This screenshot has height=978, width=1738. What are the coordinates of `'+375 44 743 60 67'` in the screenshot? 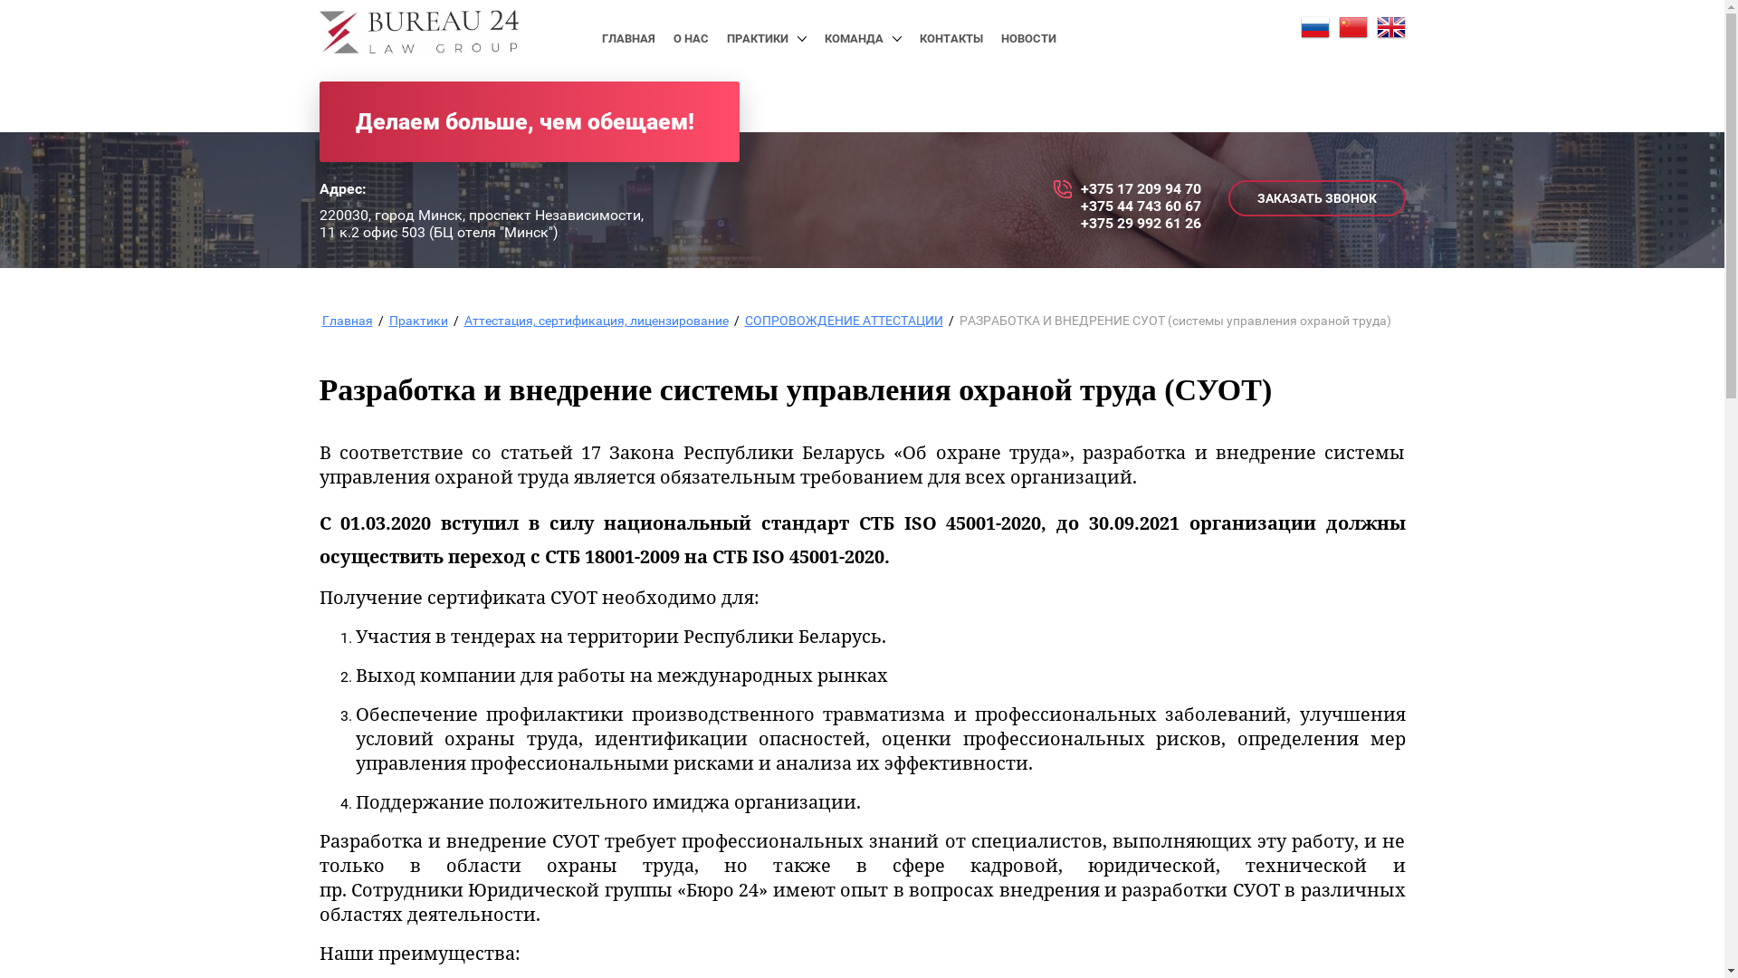 It's located at (1081, 205).